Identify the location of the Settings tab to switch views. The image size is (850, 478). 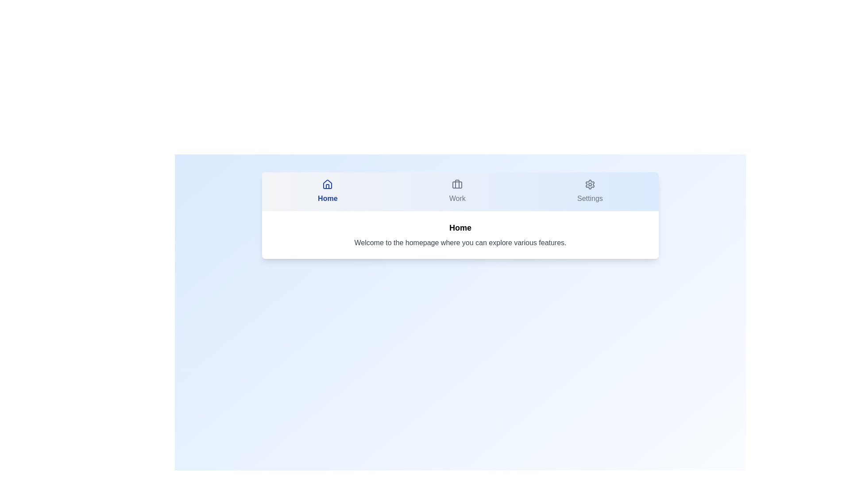
(590, 191).